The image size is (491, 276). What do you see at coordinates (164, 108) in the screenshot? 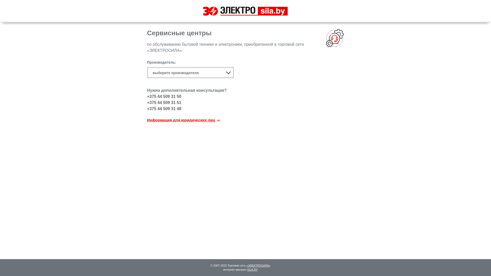
I see `'+375 44 509 31 48'` at bounding box center [164, 108].